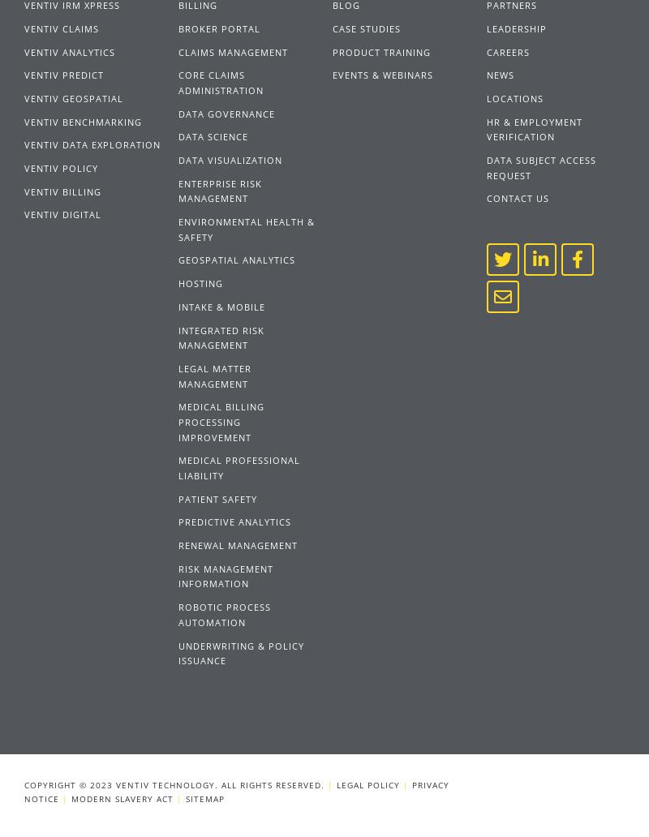 The width and height of the screenshot is (649, 837). What do you see at coordinates (533, 128) in the screenshot?
I see `'HR & Employment Verification'` at bounding box center [533, 128].